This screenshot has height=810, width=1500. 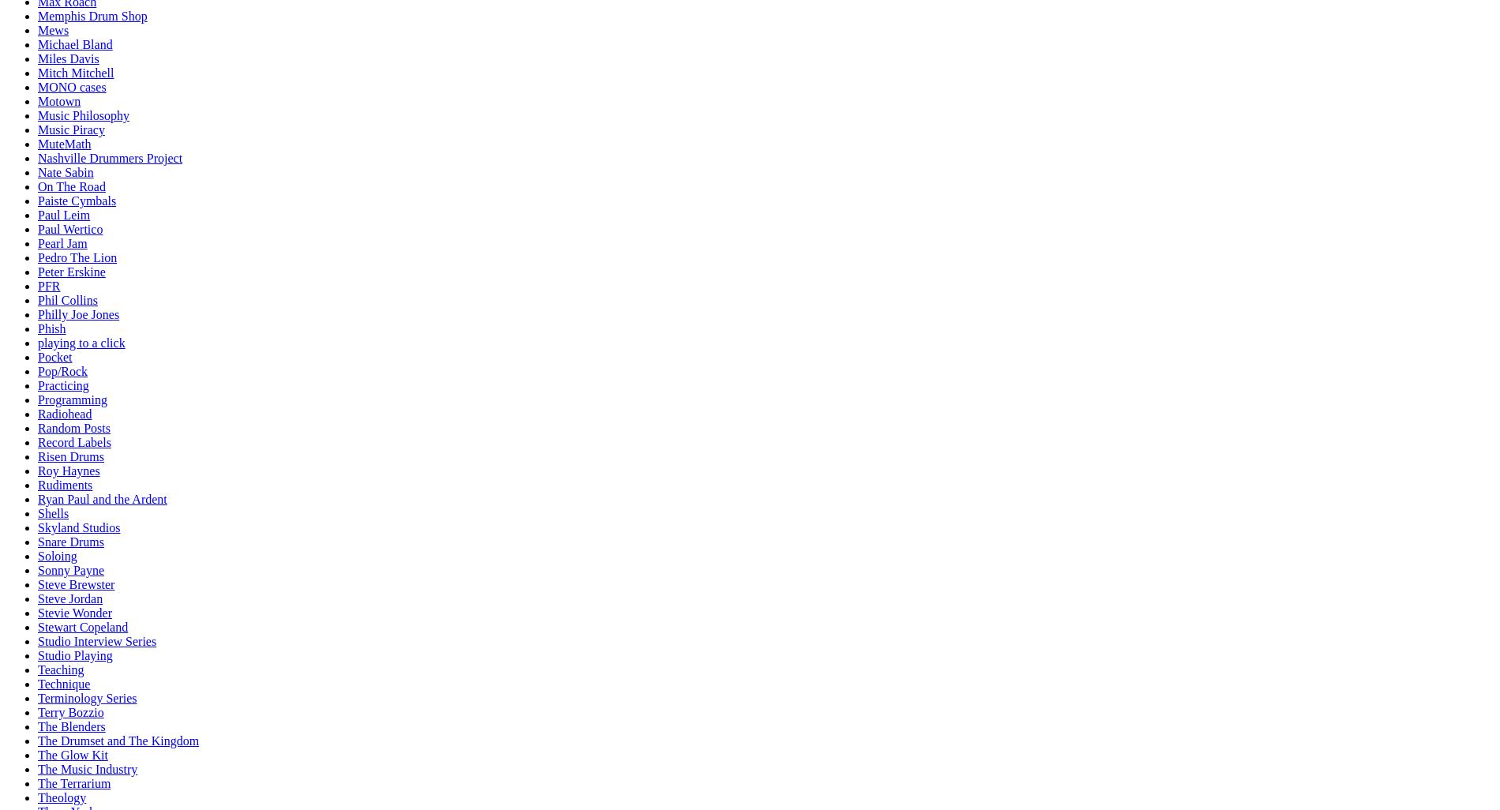 What do you see at coordinates (92, 16) in the screenshot?
I see `'Memphis Drum Shop'` at bounding box center [92, 16].